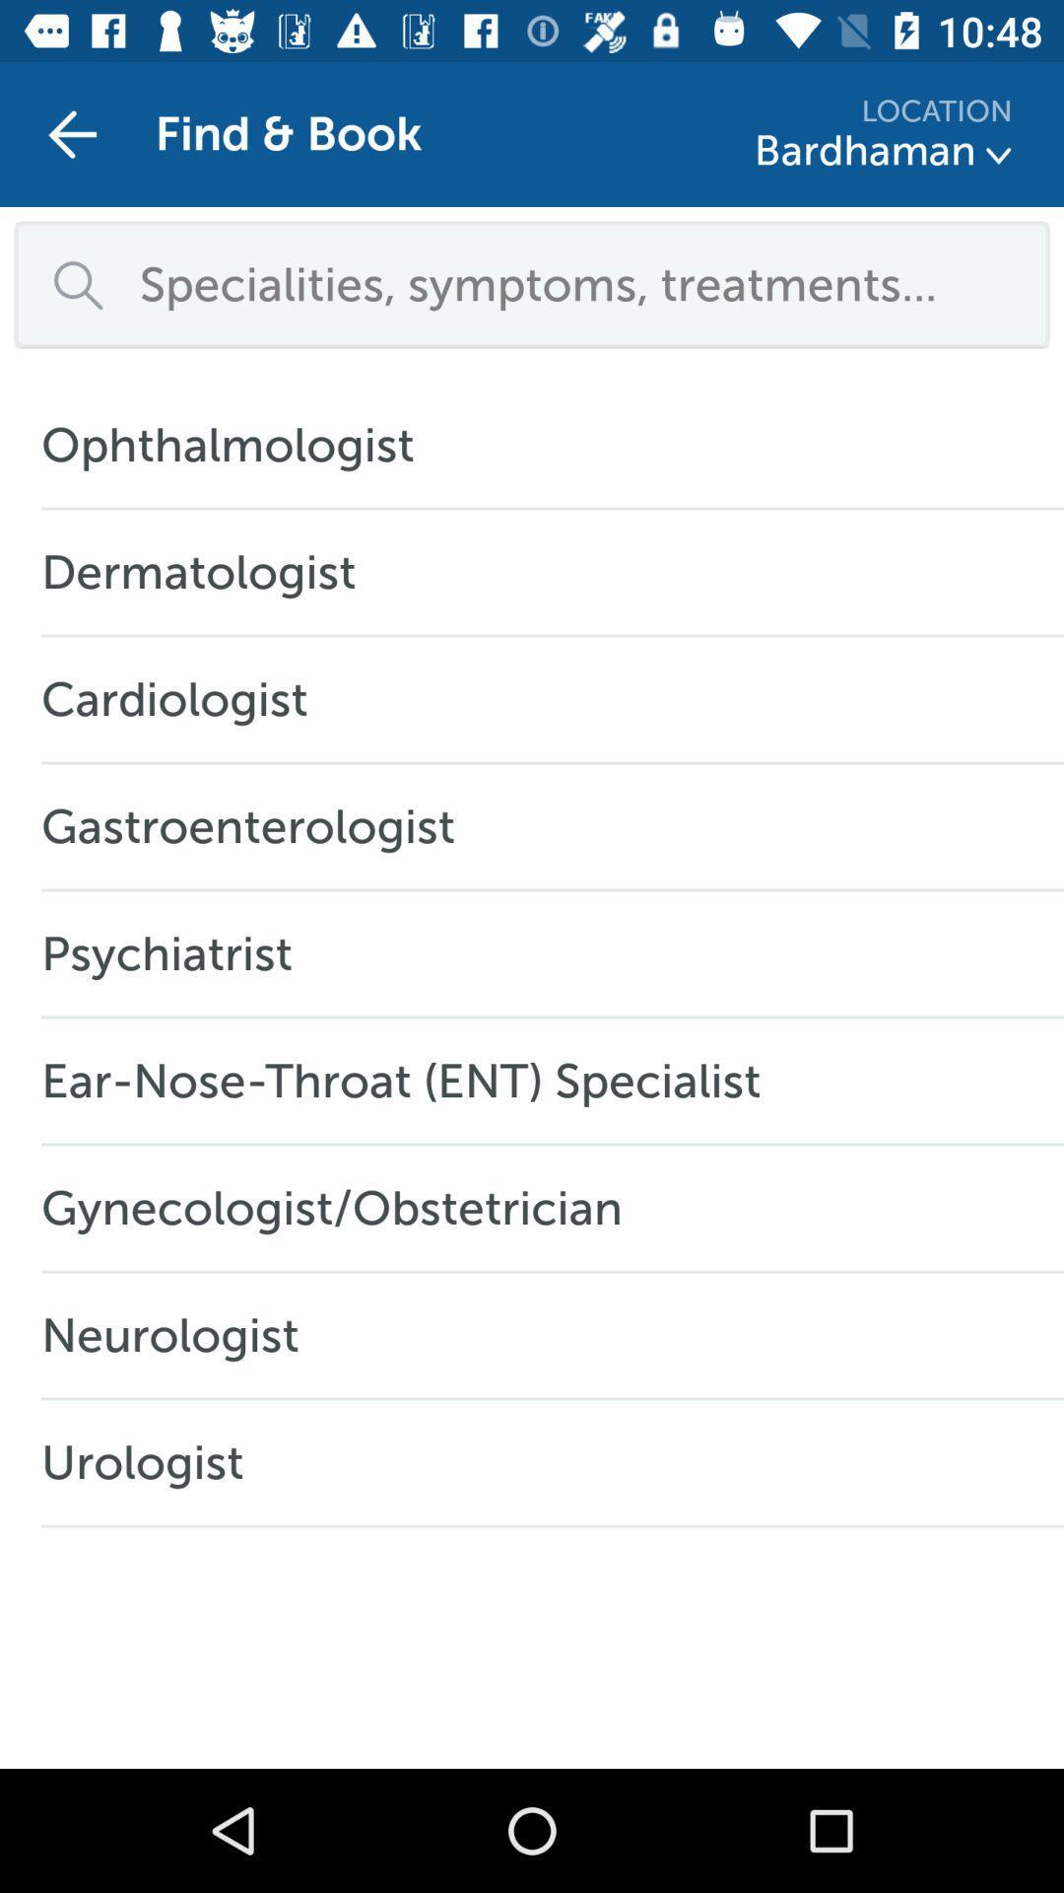 Image resolution: width=1064 pixels, height=1893 pixels. Describe the element at coordinates (999, 155) in the screenshot. I see `dropdown location selection` at that location.